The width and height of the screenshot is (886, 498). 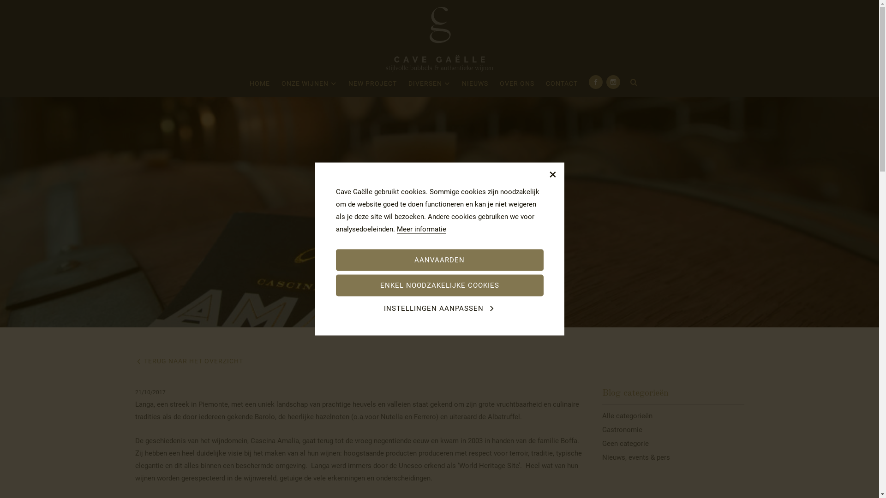 I want to click on 'HOME', so click(x=259, y=85).